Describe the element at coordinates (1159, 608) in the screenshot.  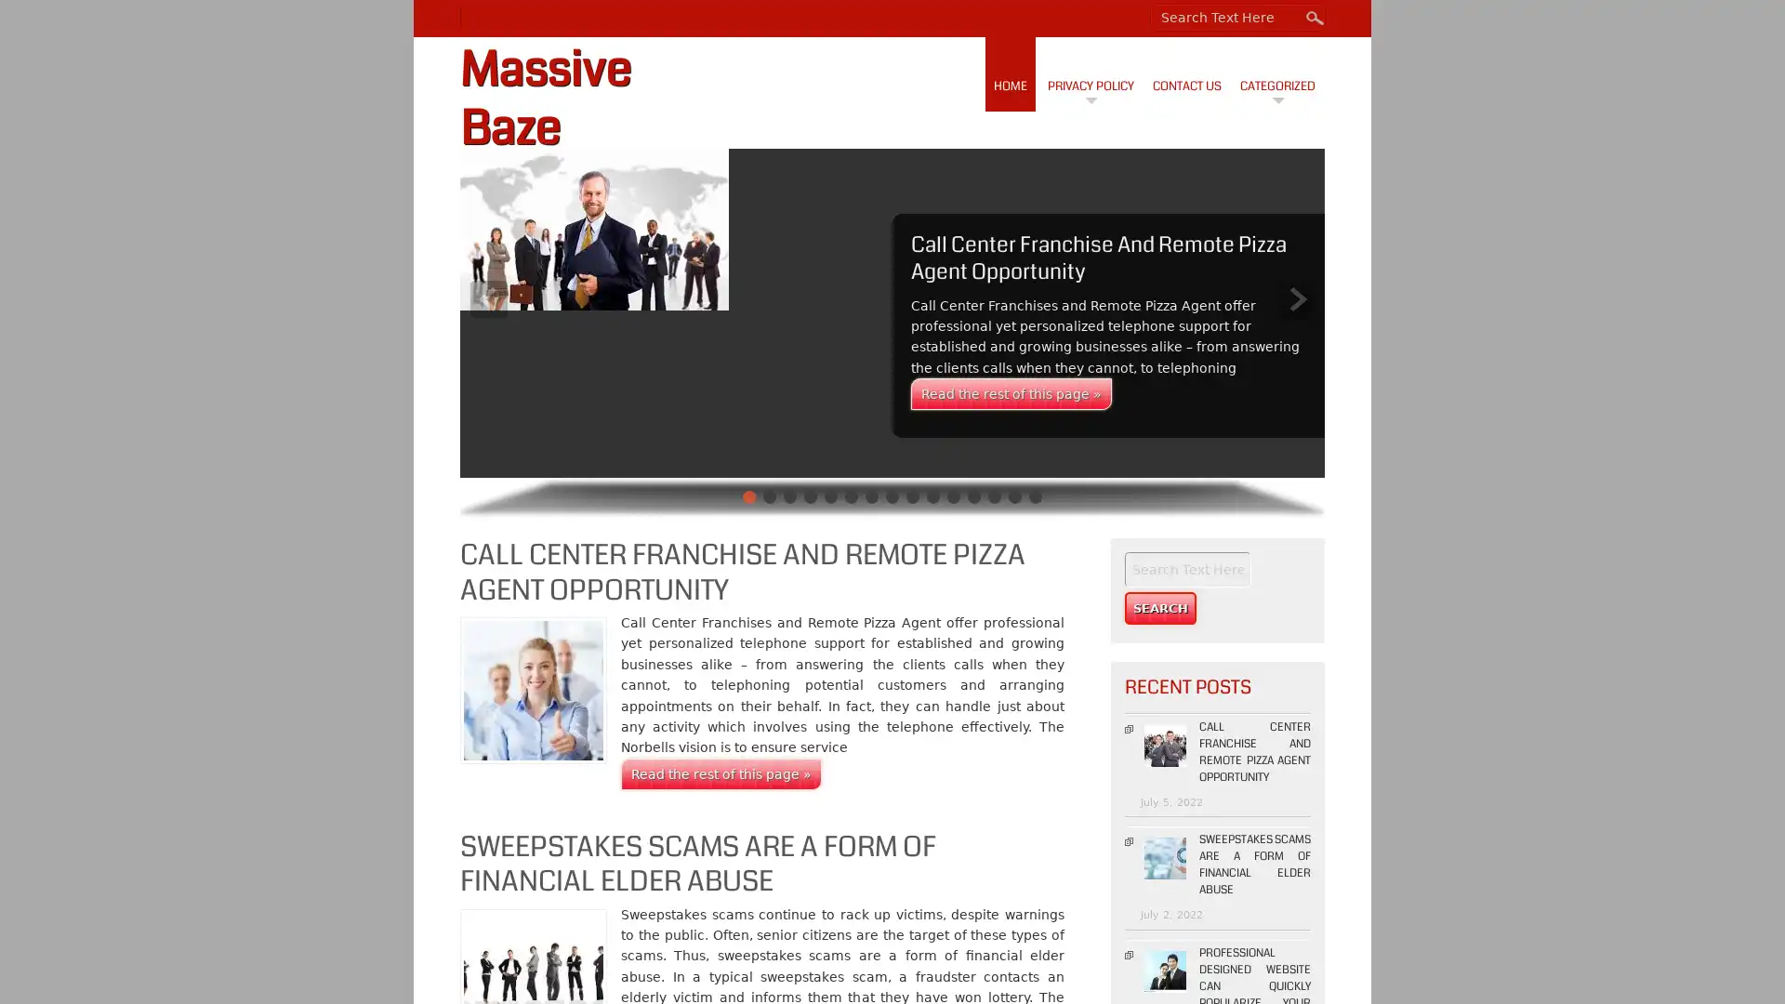
I see `Search` at that location.